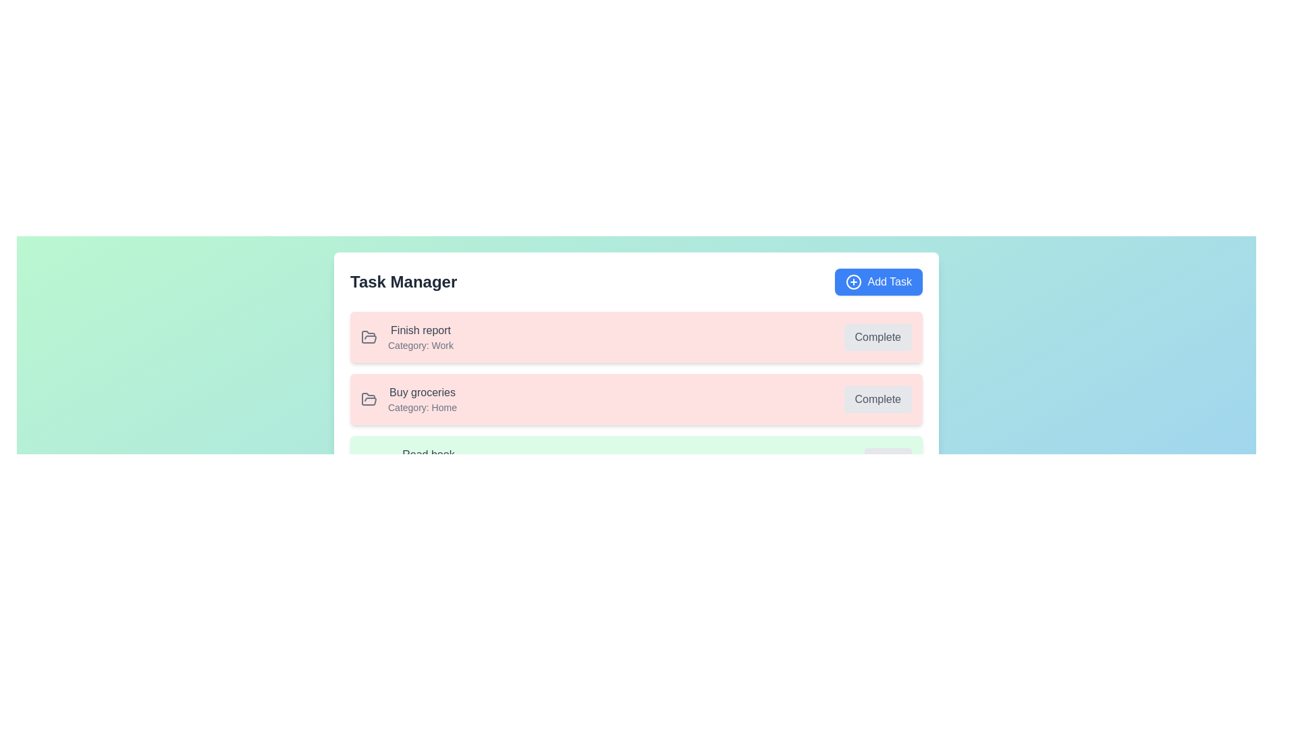 This screenshot has height=729, width=1296. I want to click on decorative graphic element, which is a circular outline centered within the 'Add Task' button located in the top-right corner of the interface, so click(853, 281).